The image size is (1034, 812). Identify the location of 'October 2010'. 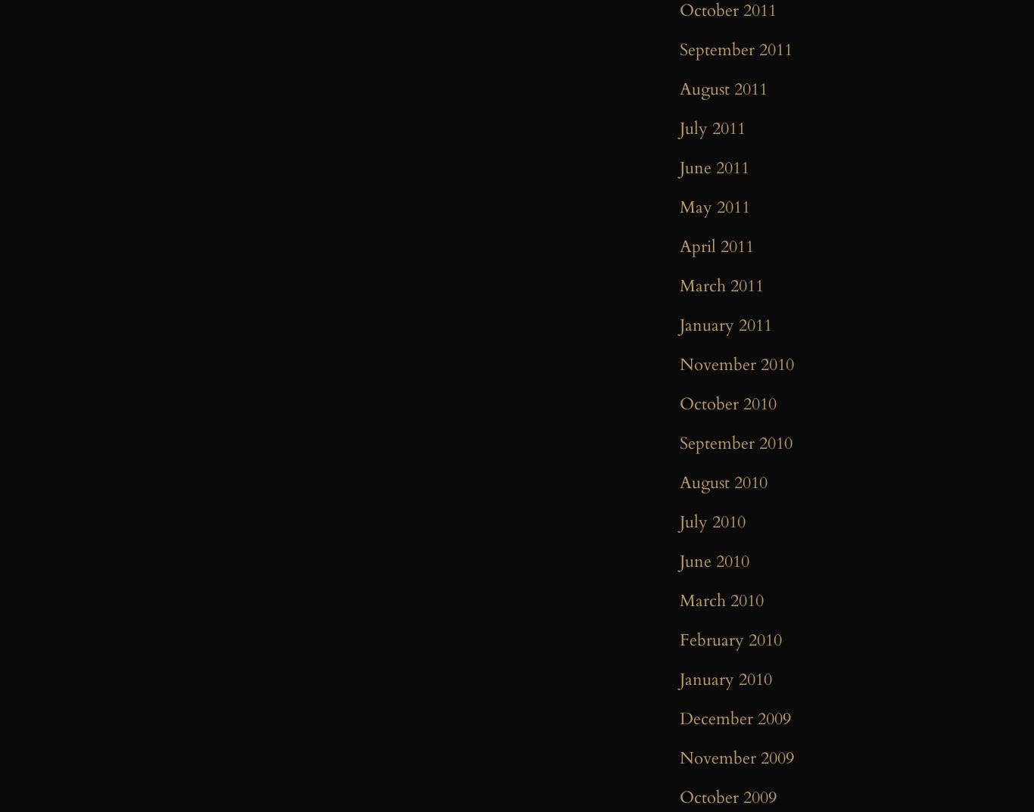
(727, 403).